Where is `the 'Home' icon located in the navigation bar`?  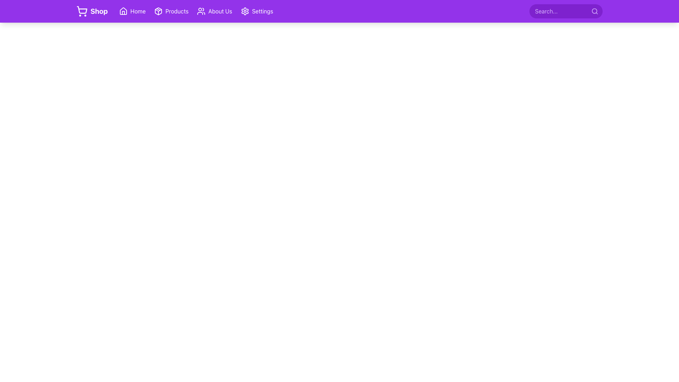 the 'Home' icon located in the navigation bar is located at coordinates (123, 11).